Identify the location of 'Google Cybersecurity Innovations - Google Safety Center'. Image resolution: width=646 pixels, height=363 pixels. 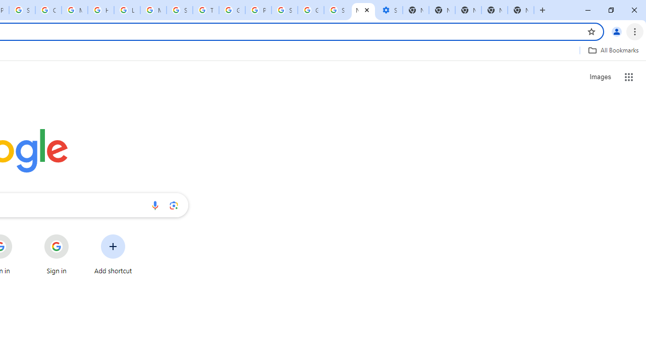
(310, 10).